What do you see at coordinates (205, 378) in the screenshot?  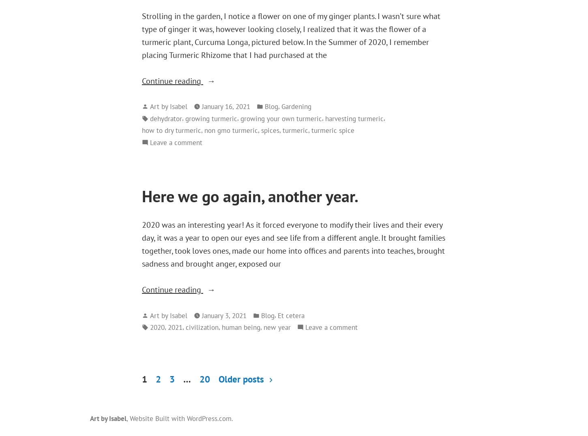 I see `'20'` at bounding box center [205, 378].